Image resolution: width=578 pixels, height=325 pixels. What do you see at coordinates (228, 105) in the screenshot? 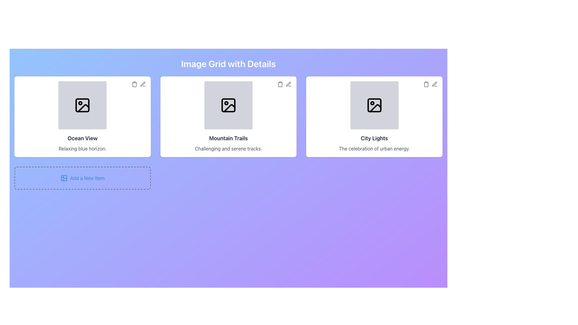
I see `the decorative icon representing an image or photo in the 'Mountain Trails' section, located in the middle tile of the grid` at bounding box center [228, 105].